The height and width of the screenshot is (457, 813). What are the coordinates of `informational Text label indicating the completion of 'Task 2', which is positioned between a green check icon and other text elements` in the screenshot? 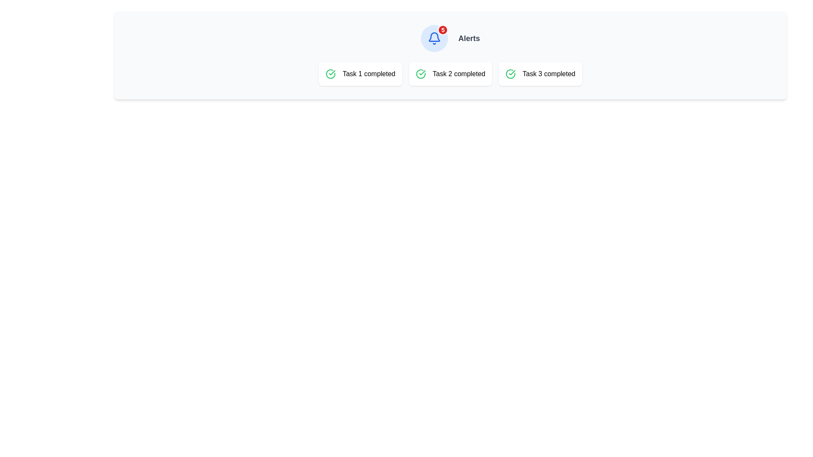 It's located at (459, 73).